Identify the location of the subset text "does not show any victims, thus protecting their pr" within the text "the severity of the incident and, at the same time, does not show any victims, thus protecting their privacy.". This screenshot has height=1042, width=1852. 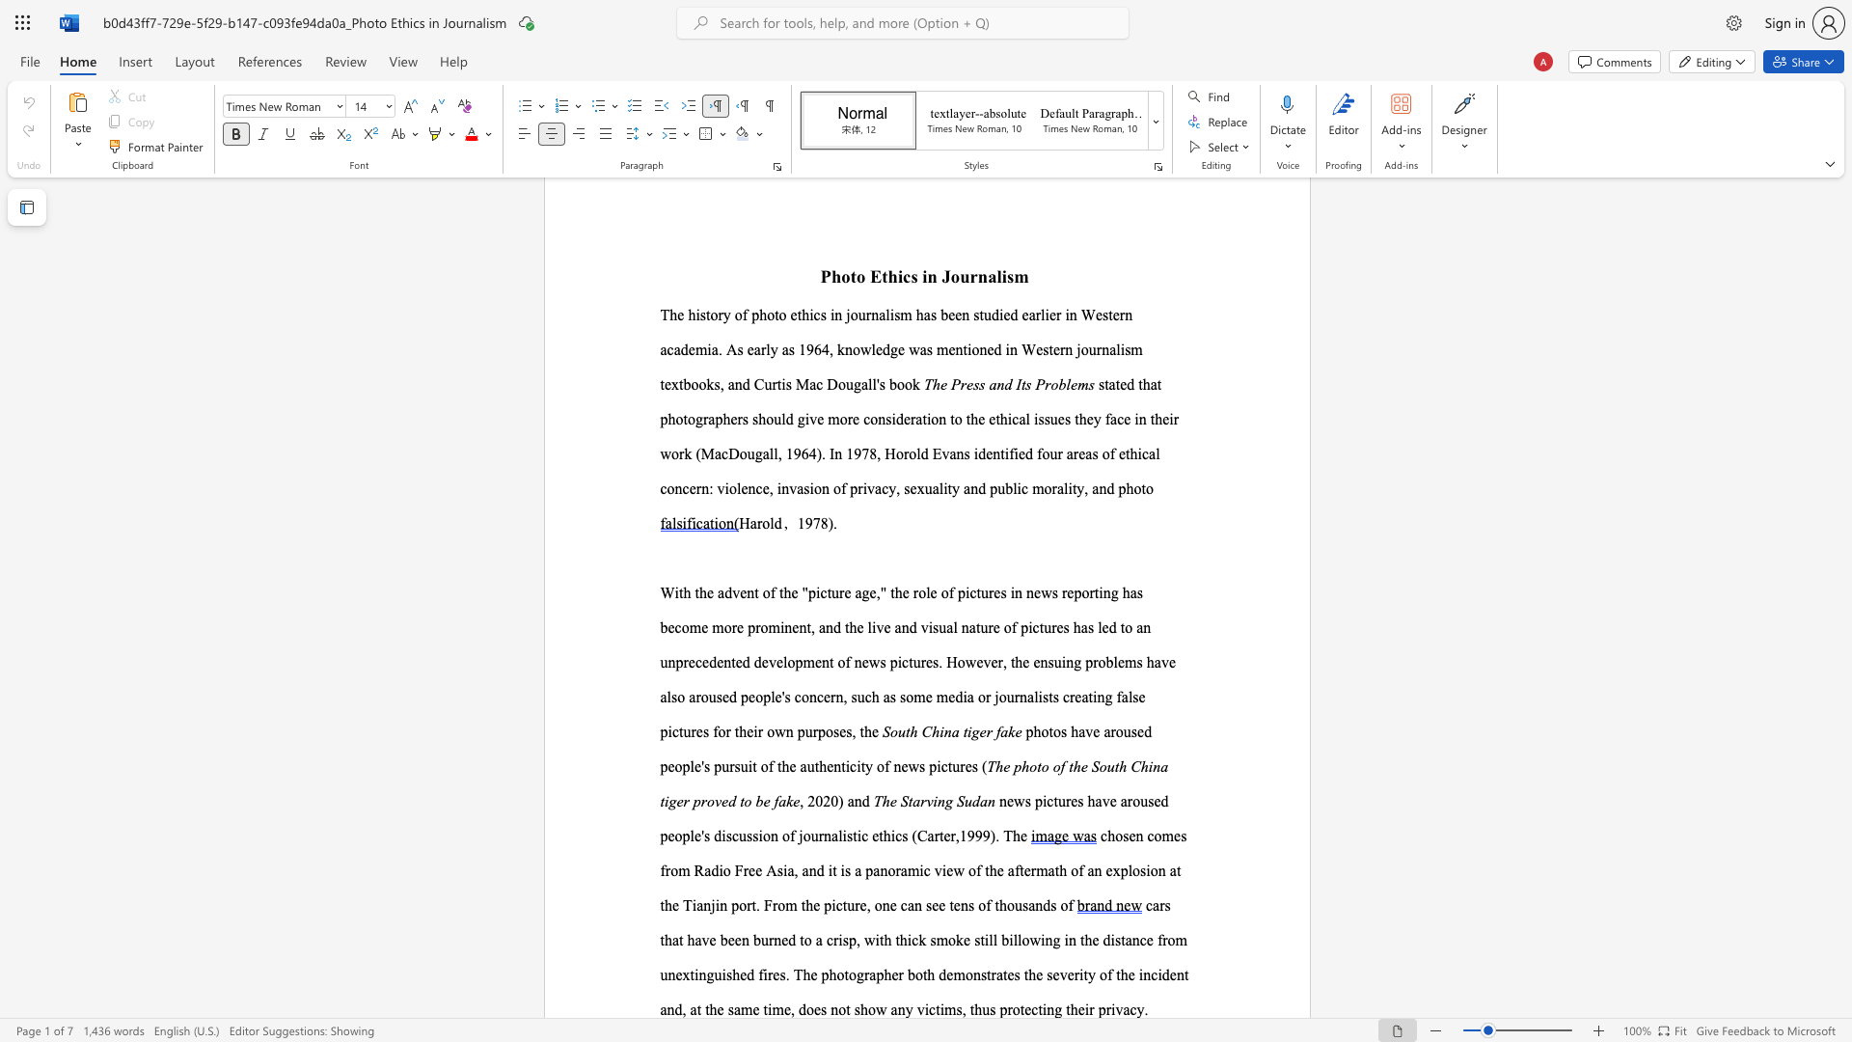
(799, 1008).